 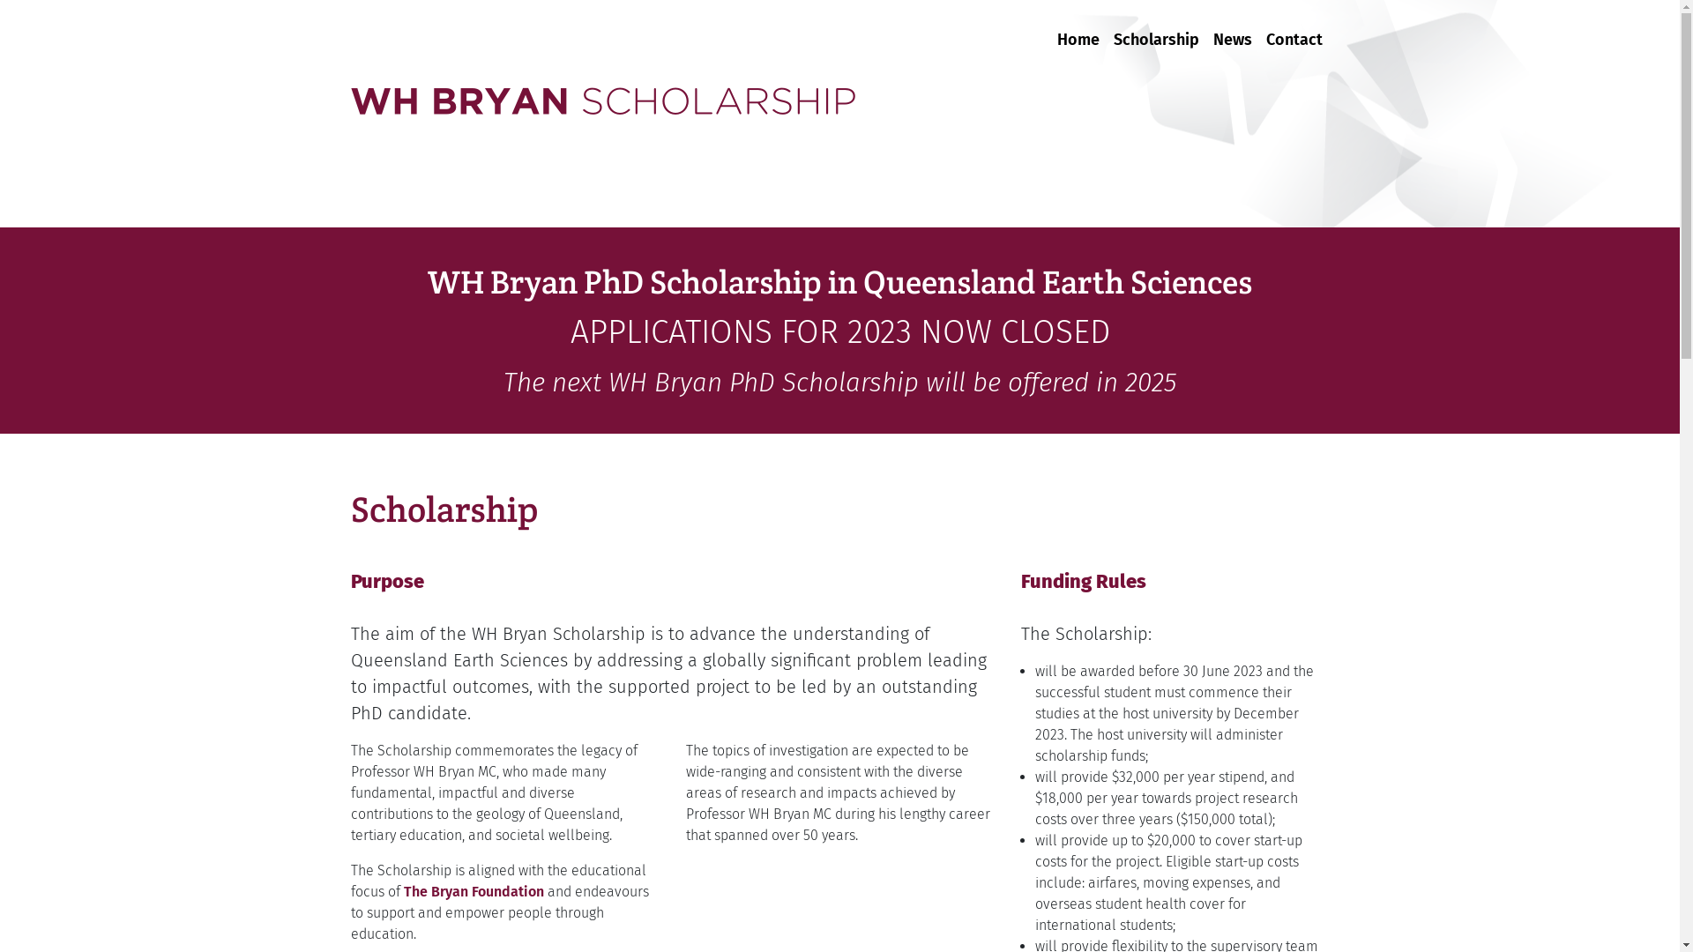 I want to click on 'Scholarship', so click(x=1155, y=29).